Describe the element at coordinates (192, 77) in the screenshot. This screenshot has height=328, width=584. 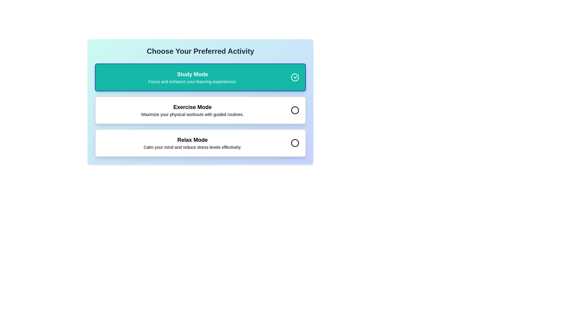
I see `the 'Study Mode' text block which describes the option and provides additional information about enhancing learning experiences` at that location.